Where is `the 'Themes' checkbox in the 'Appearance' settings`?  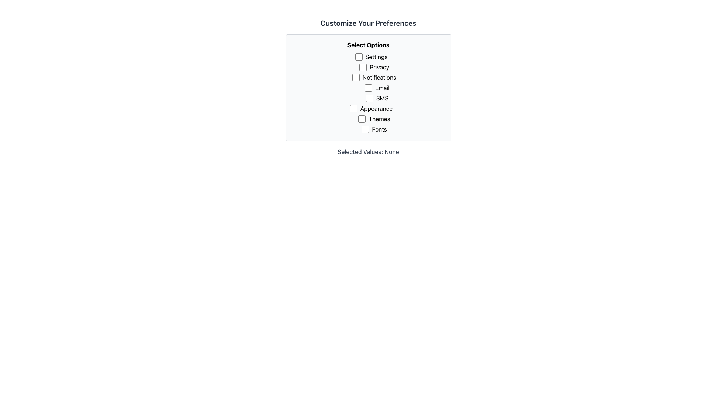 the 'Themes' checkbox in the 'Appearance' settings is located at coordinates (371, 119).